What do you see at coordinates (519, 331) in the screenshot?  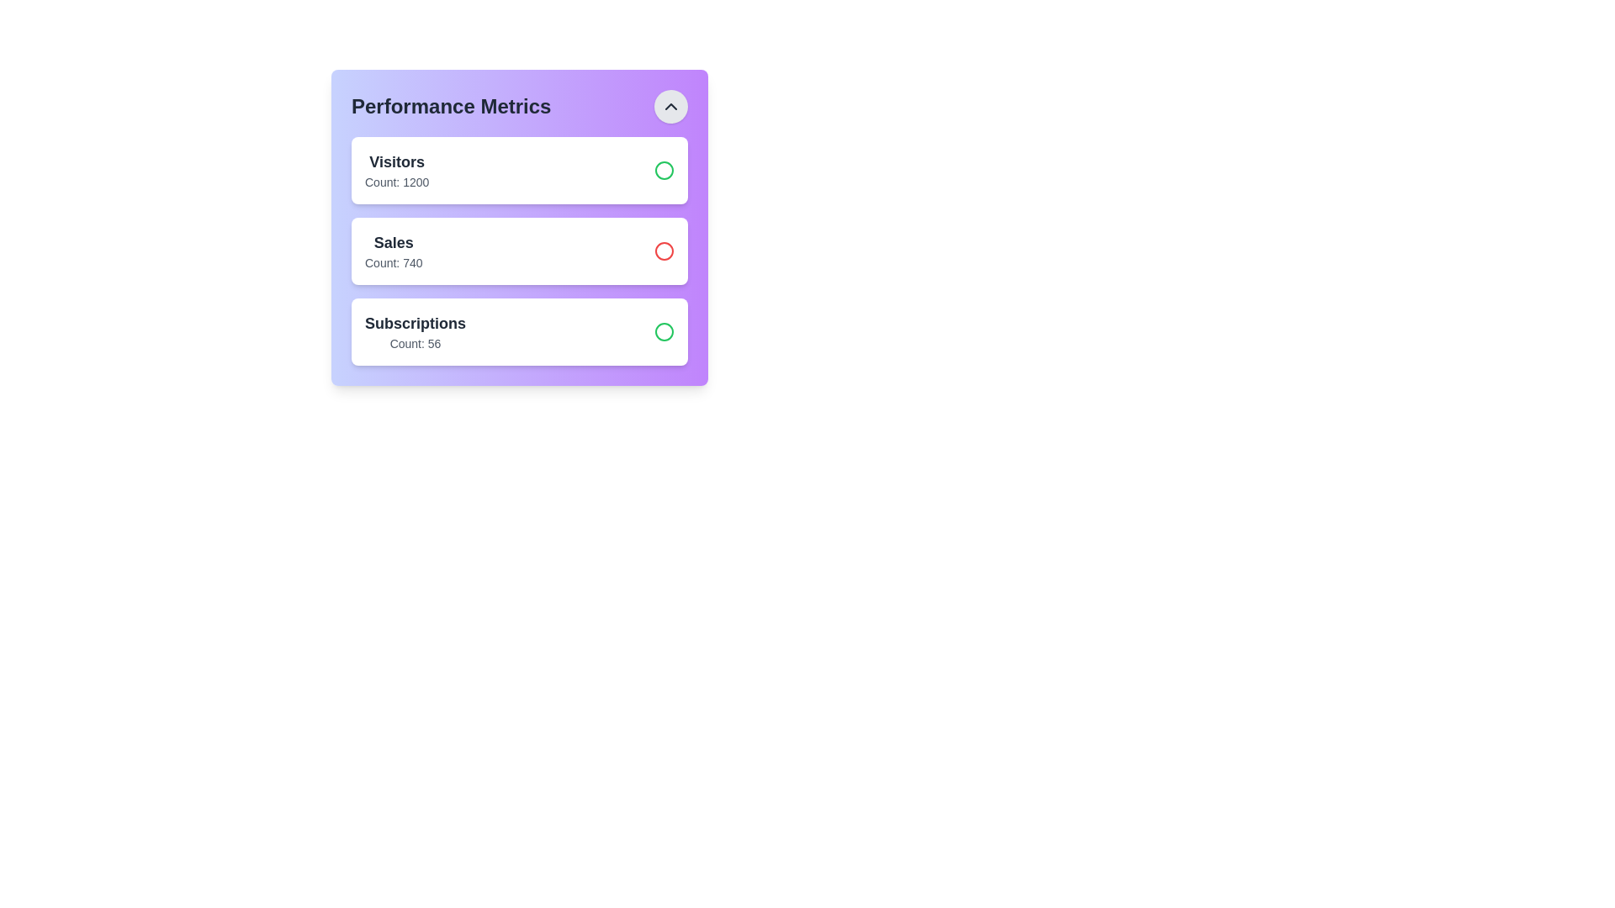 I see `the stat item for Subscriptions` at bounding box center [519, 331].